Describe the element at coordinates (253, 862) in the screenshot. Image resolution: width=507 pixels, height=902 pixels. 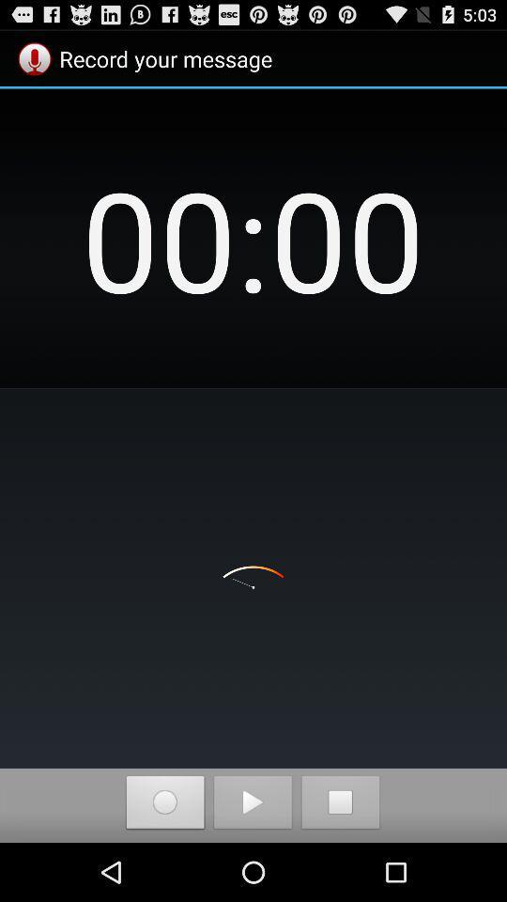
I see `the play icon` at that location.